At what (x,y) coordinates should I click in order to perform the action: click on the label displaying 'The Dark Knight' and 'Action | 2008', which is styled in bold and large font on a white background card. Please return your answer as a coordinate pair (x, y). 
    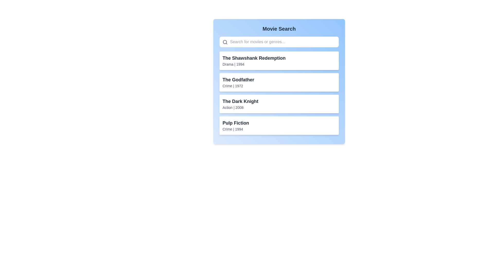
    Looking at the image, I should click on (240, 104).